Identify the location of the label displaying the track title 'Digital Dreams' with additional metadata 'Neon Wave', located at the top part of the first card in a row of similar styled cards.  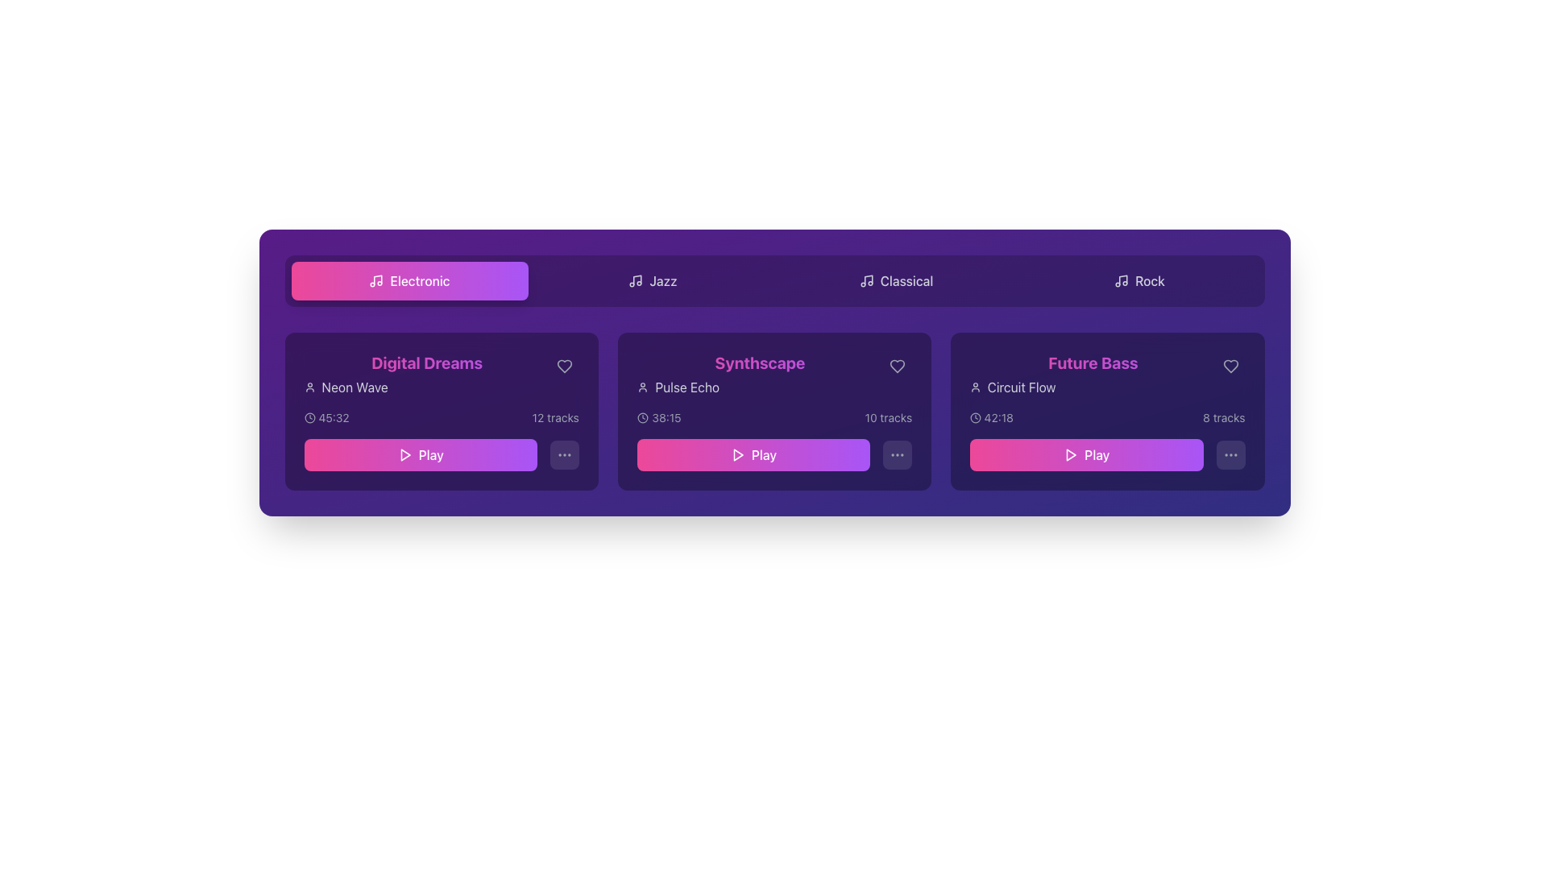
(442, 375).